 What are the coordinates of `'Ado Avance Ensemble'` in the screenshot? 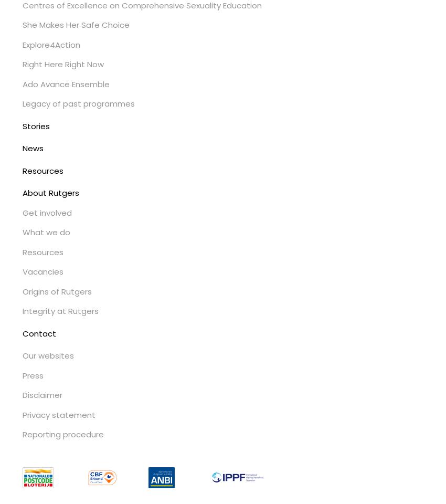 It's located at (65, 83).